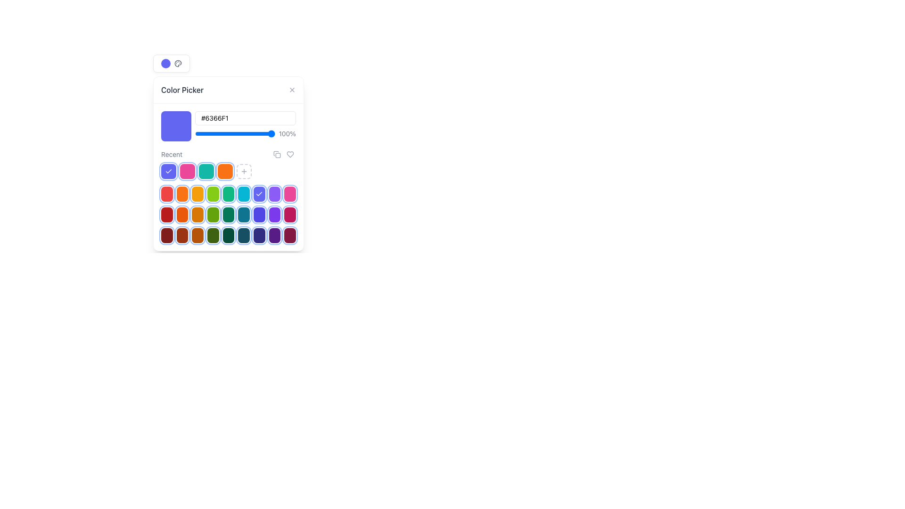  I want to click on the slider value, so click(252, 134).